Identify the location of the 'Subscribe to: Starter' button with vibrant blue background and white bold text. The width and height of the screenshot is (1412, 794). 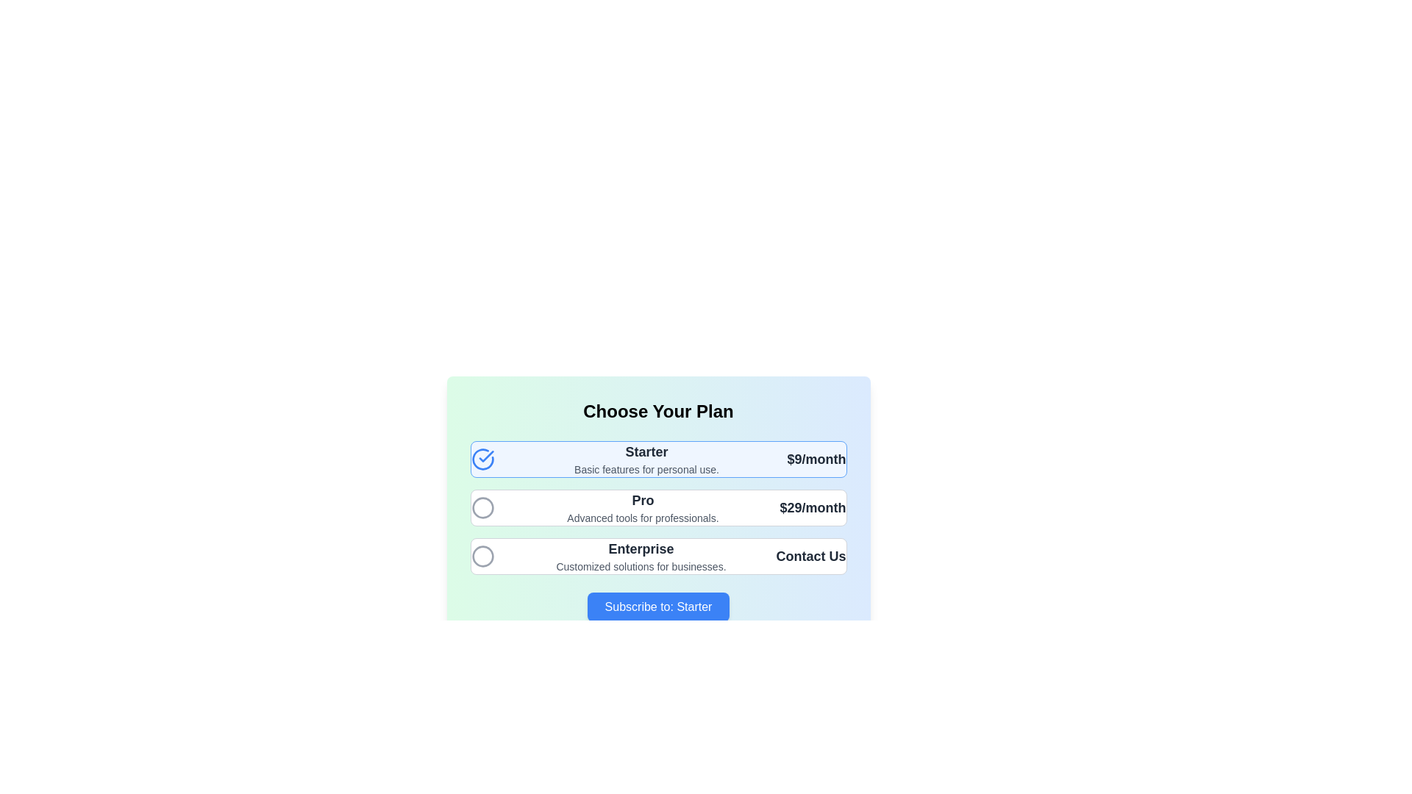
(657, 607).